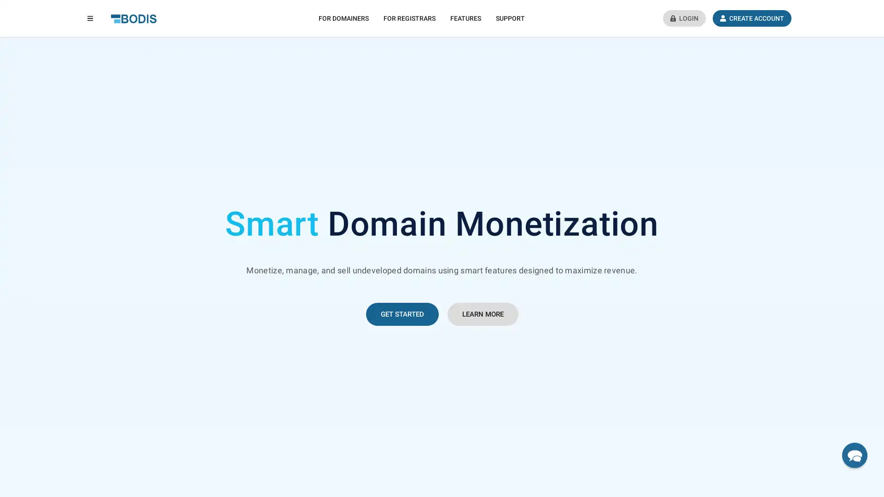 Image resolution: width=884 pixels, height=497 pixels. What do you see at coordinates (854, 455) in the screenshot?
I see `Chat widget toggle` at bounding box center [854, 455].